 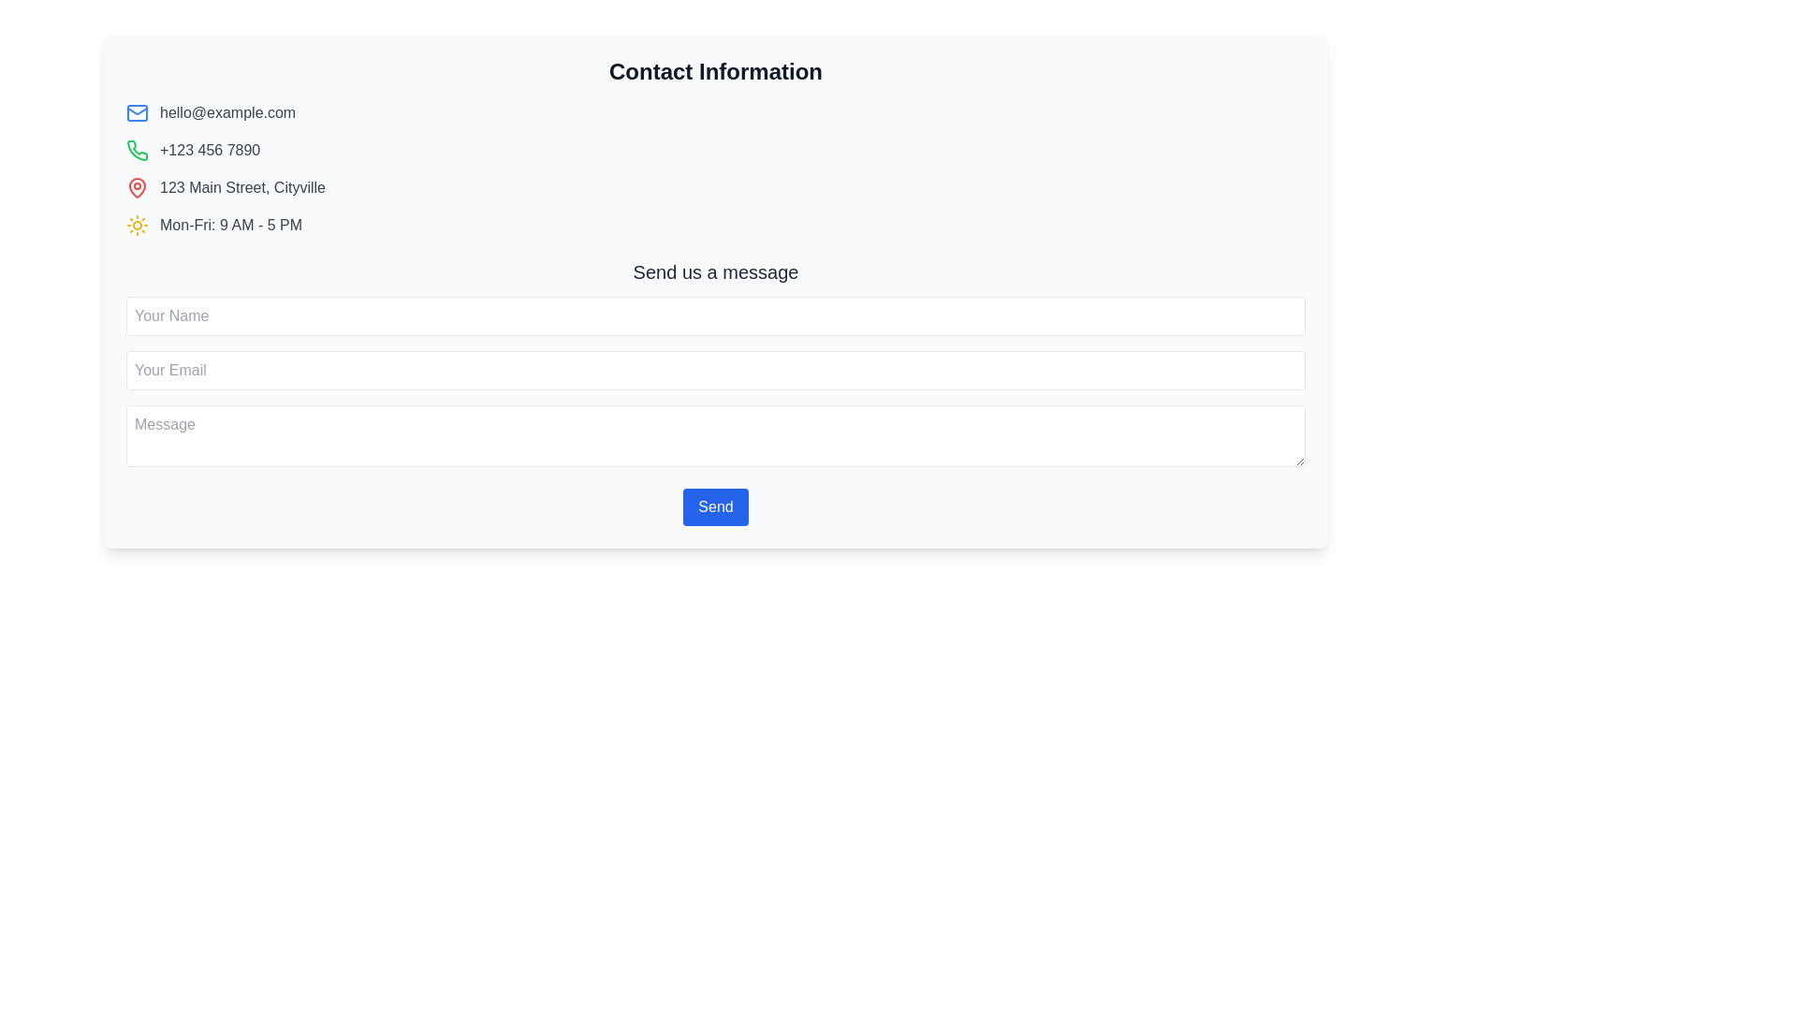 I want to click on the green phone icon that precedes the phone number '+123 456 7890' in the contact information section, so click(x=137, y=150).